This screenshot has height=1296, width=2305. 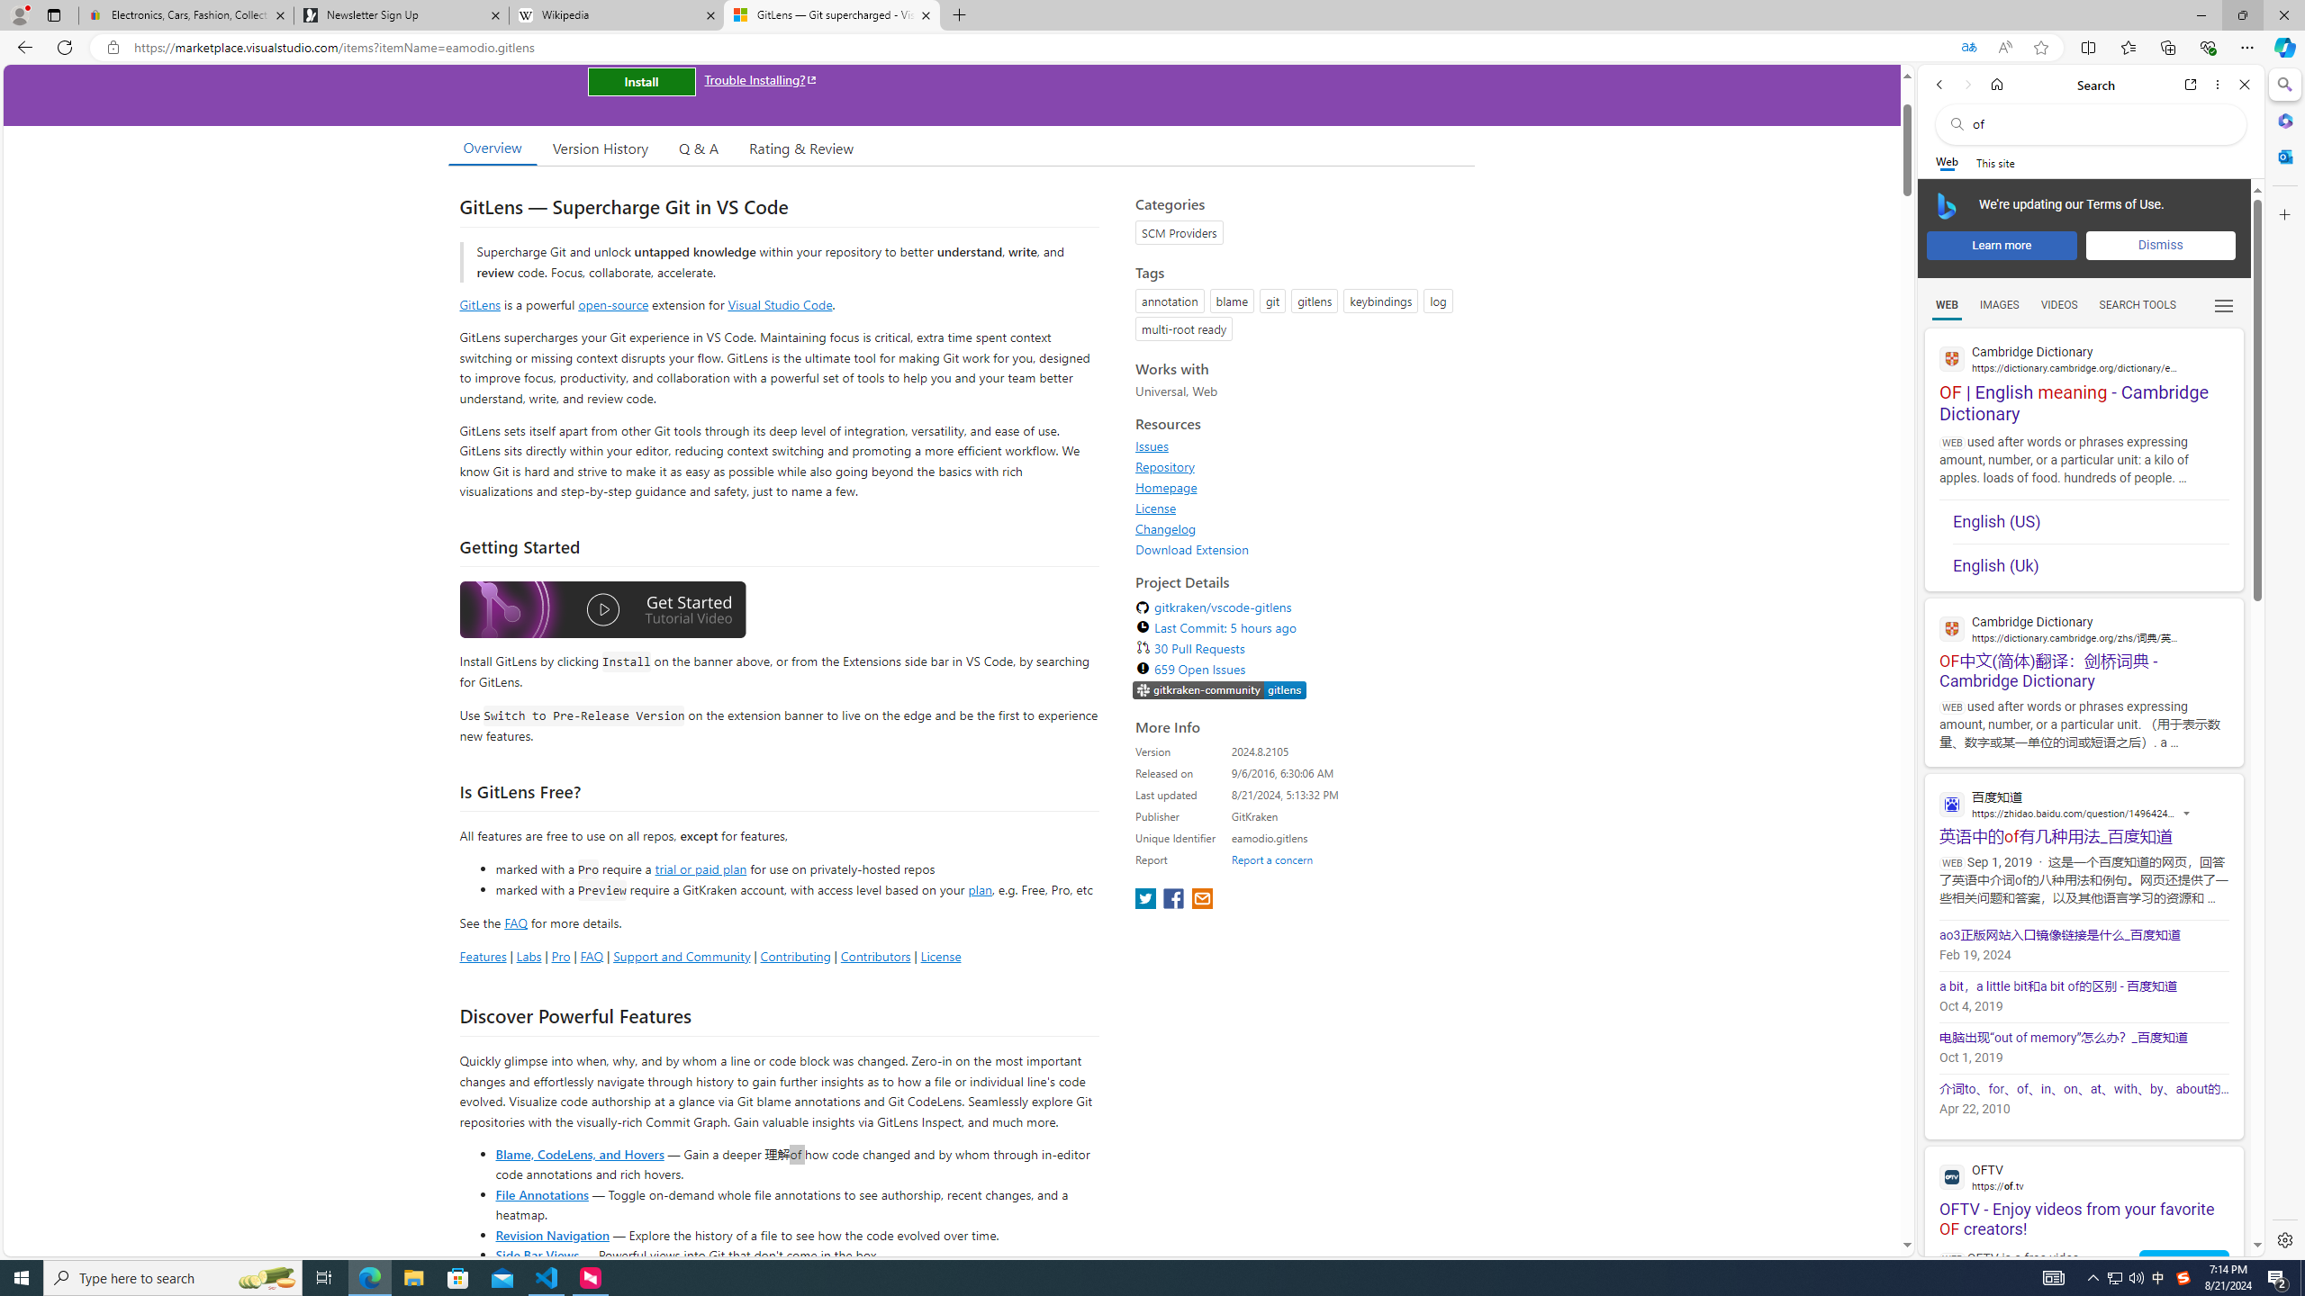 What do you see at coordinates (2187, 813) in the screenshot?
I see `'Actions for this site'` at bounding box center [2187, 813].